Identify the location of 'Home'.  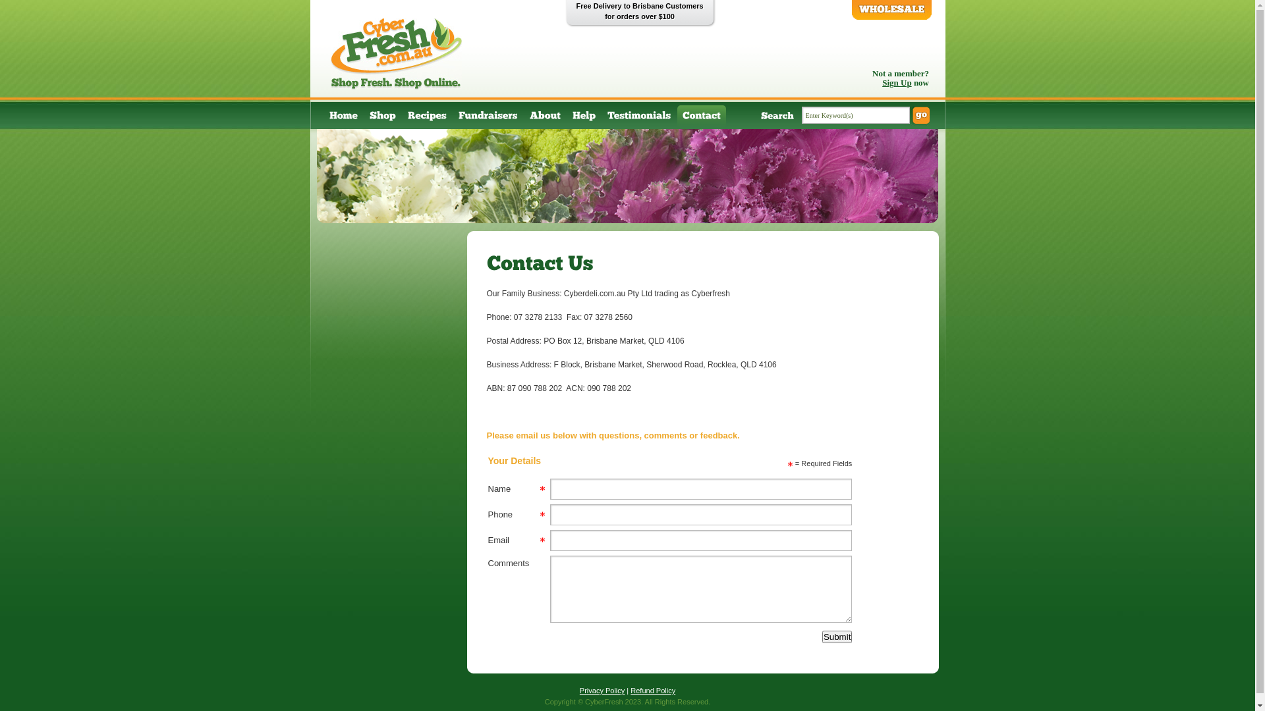
(343, 116).